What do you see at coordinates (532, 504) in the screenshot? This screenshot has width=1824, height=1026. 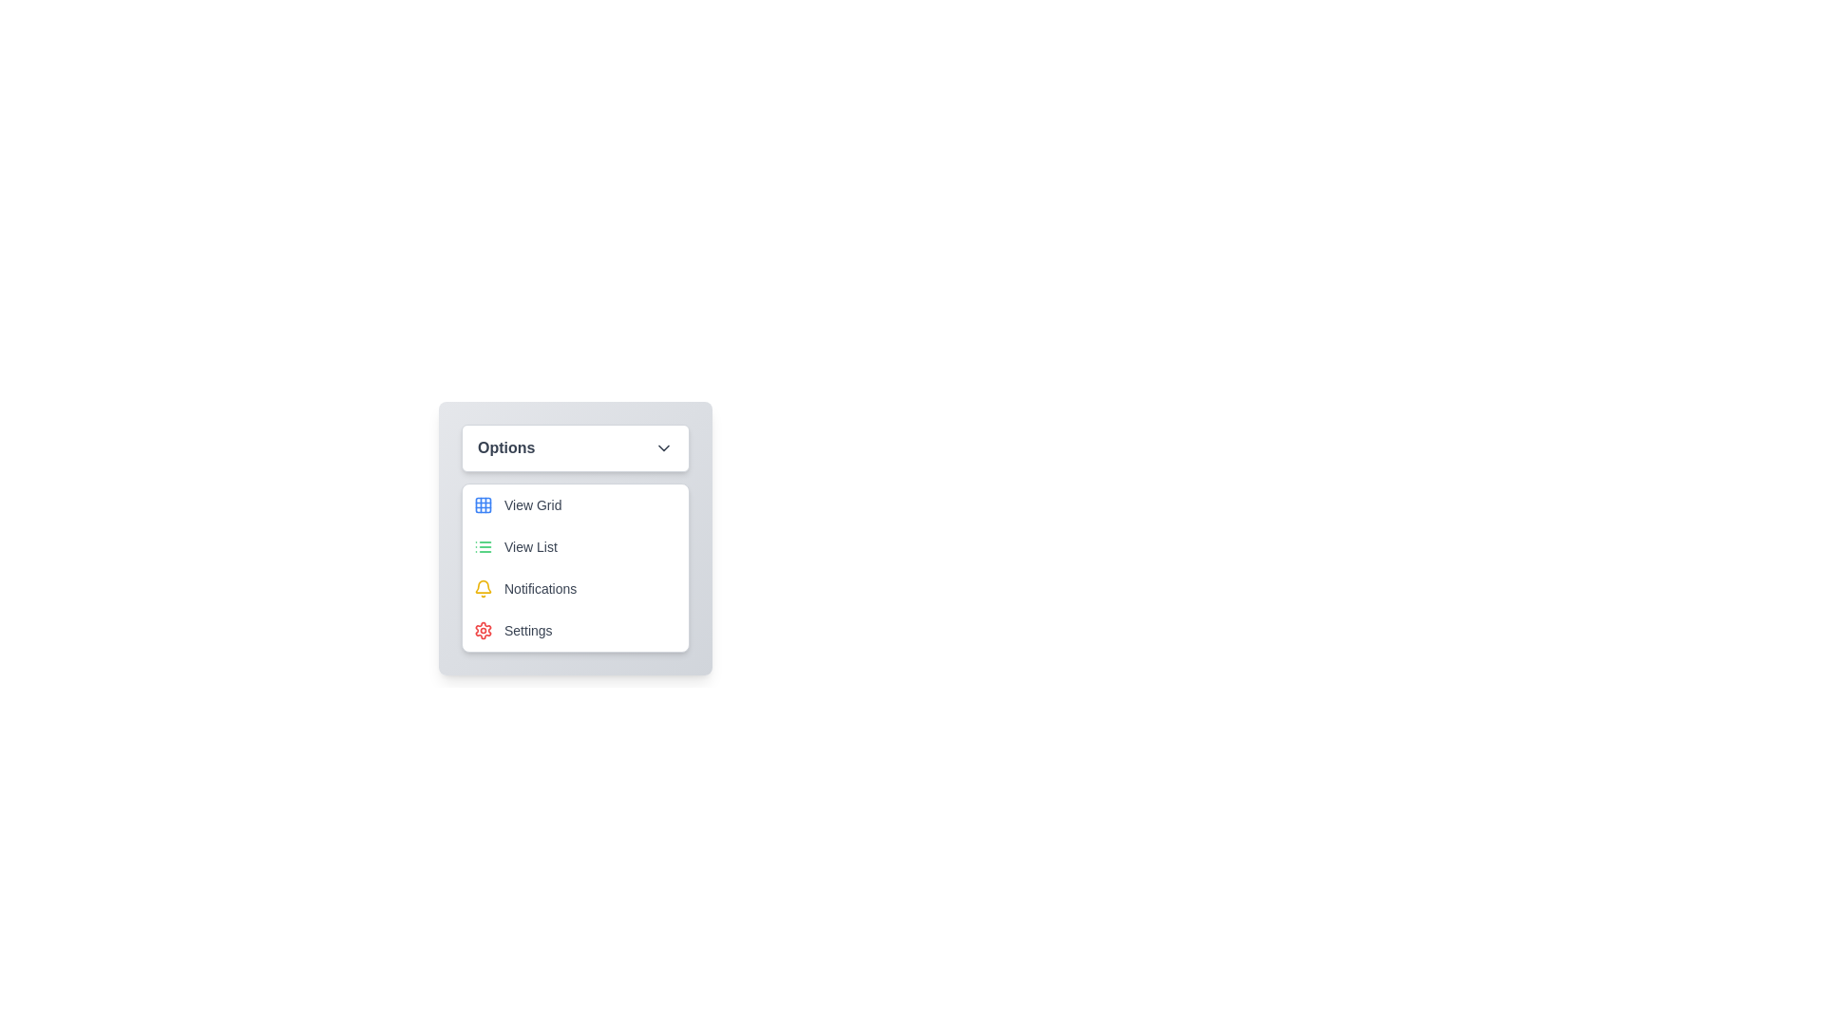 I see `label 'View Grid' from the dropdown menu under the 'Options' button, which is styled with a smaller font size and medium weight, colored in gray` at bounding box center [532, 504].